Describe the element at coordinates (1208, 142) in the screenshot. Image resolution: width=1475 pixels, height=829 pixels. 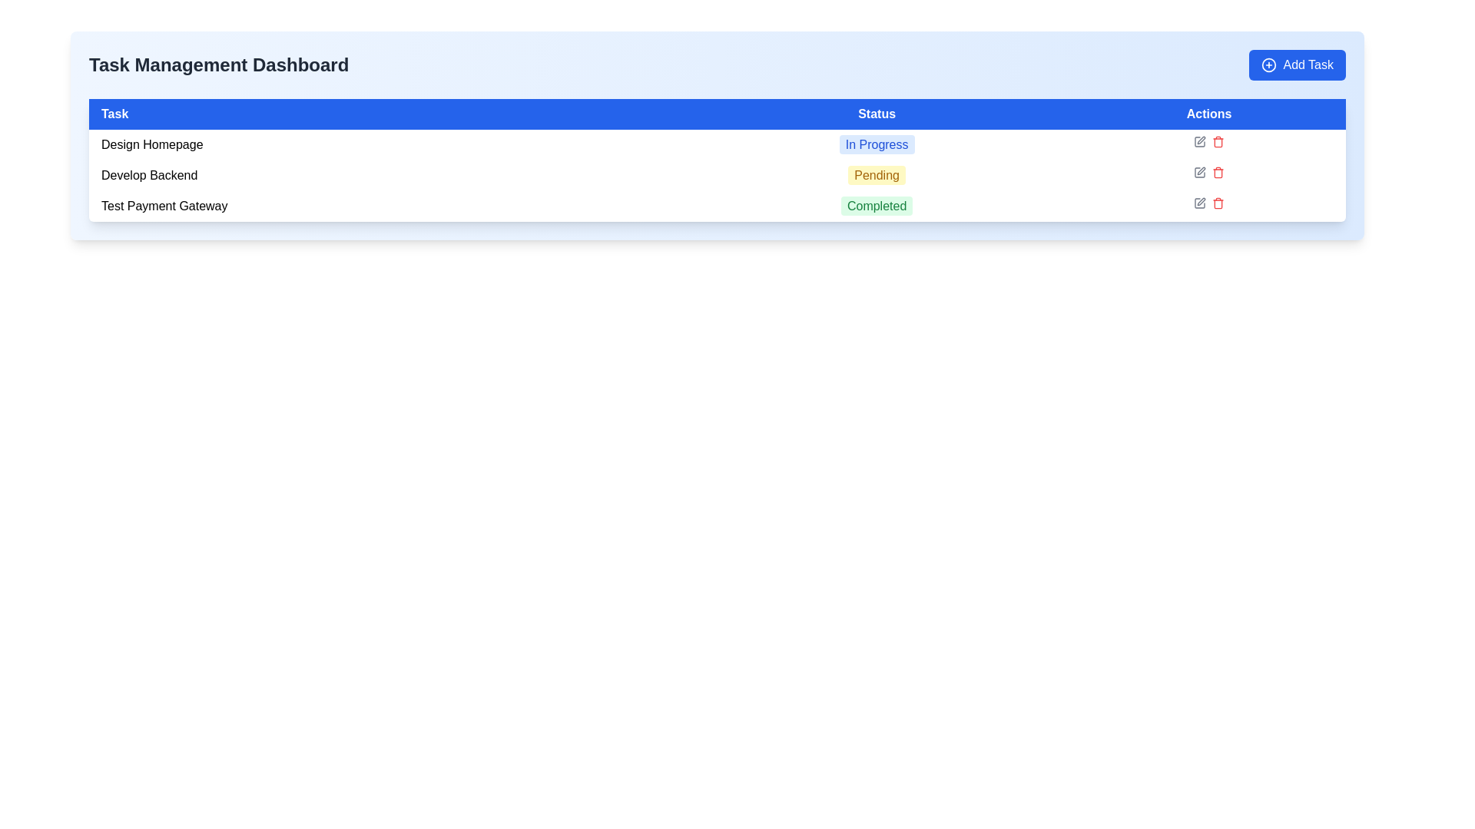
I see `the edit icon in the 'Actions' column for the 'Design Homepage' task` at that location.